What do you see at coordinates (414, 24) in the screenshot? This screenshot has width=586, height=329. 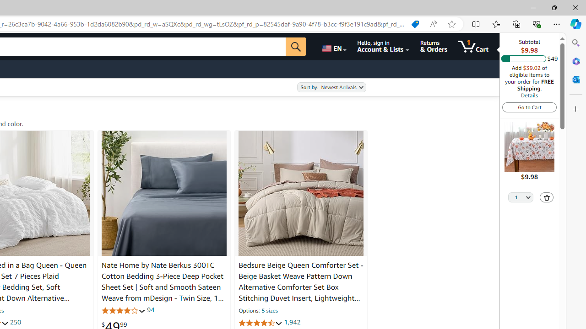 I see `'Shopping in Microsoft Edge'` at bounding box center [414, 24].